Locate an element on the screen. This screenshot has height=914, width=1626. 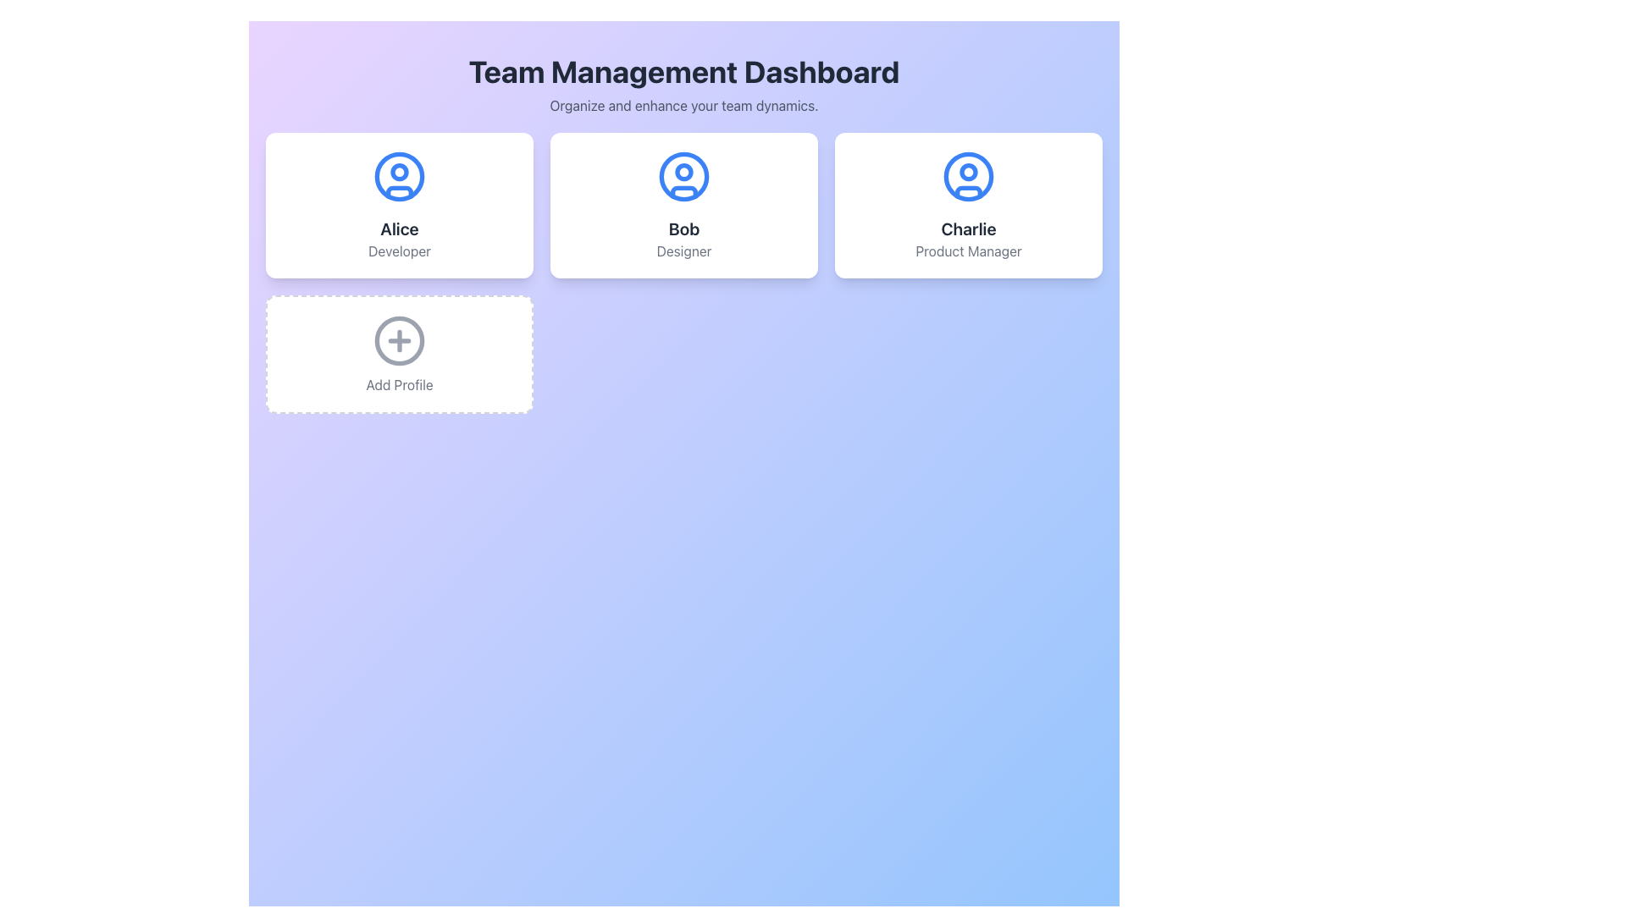
the circular user profile icon with a blue border representing 'Charlie, Product Manager' located on the white card at the top-center of the card is located at coordinates (968, 176).